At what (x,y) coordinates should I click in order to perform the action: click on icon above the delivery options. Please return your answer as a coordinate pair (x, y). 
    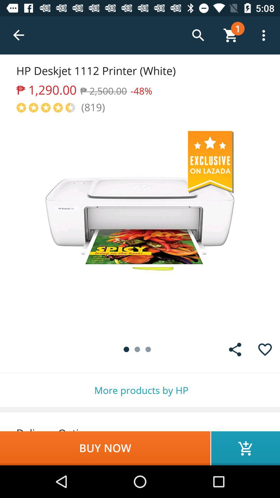
    Looking at the image, I should click on (140, 390).